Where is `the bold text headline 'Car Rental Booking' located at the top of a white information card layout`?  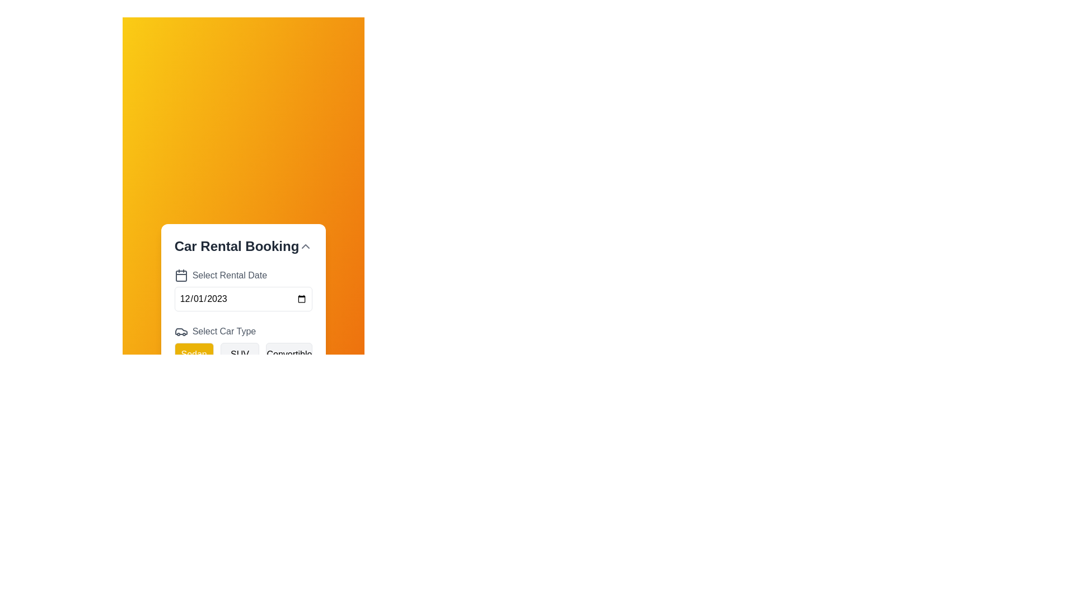
the bold text headline 'Car Rental Booking' located at the top of a white information card layout is located at coordinates (236, 245).